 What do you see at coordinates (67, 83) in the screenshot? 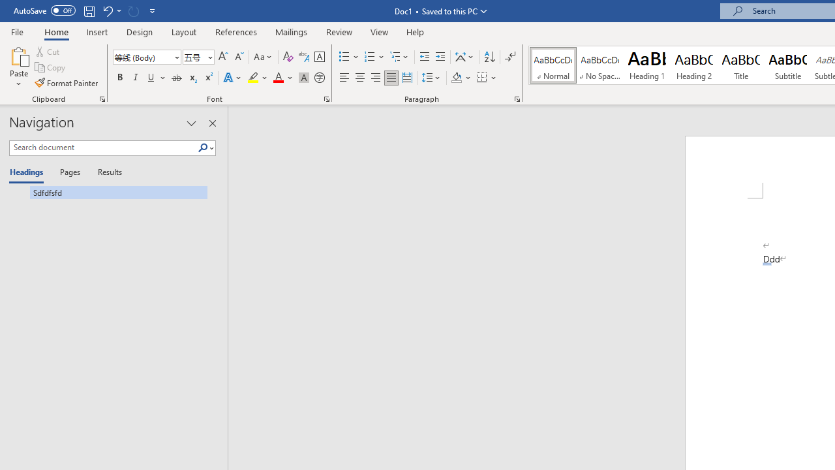
I see `'Format Painter'` at bounding box center [67, 83].